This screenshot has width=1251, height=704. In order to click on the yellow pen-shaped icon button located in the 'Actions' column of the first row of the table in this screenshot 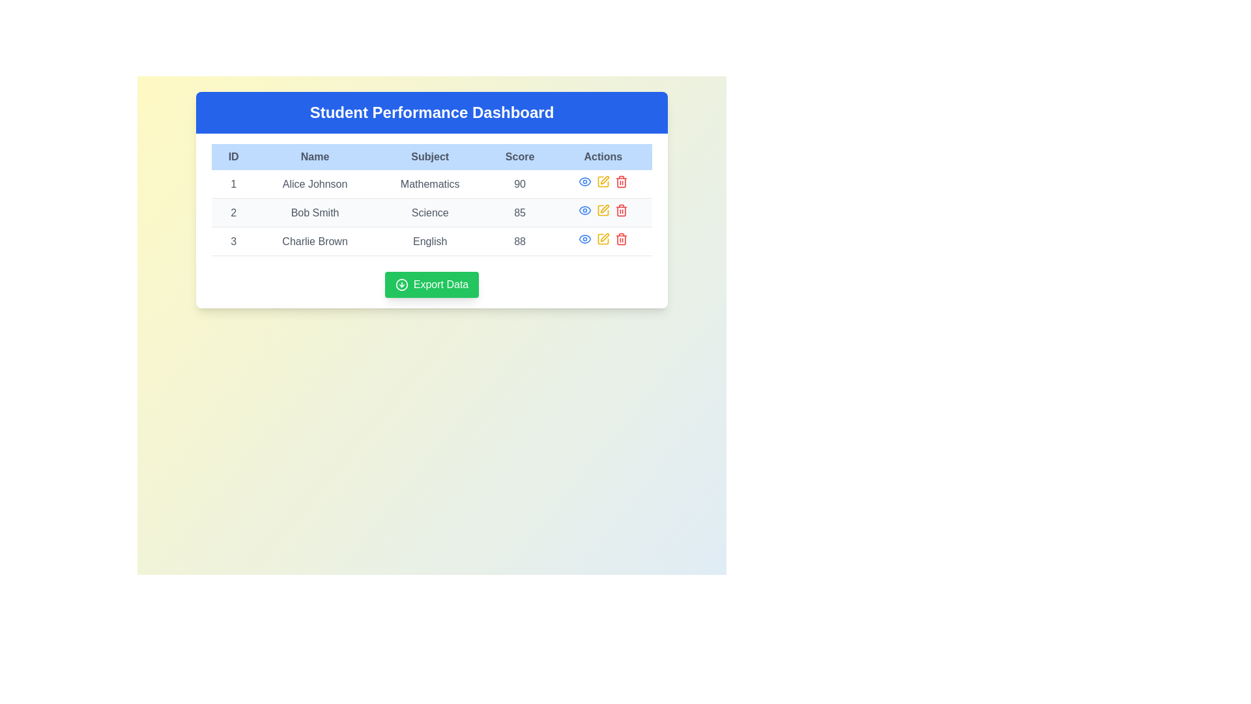, I will do `click(604, 180)`.